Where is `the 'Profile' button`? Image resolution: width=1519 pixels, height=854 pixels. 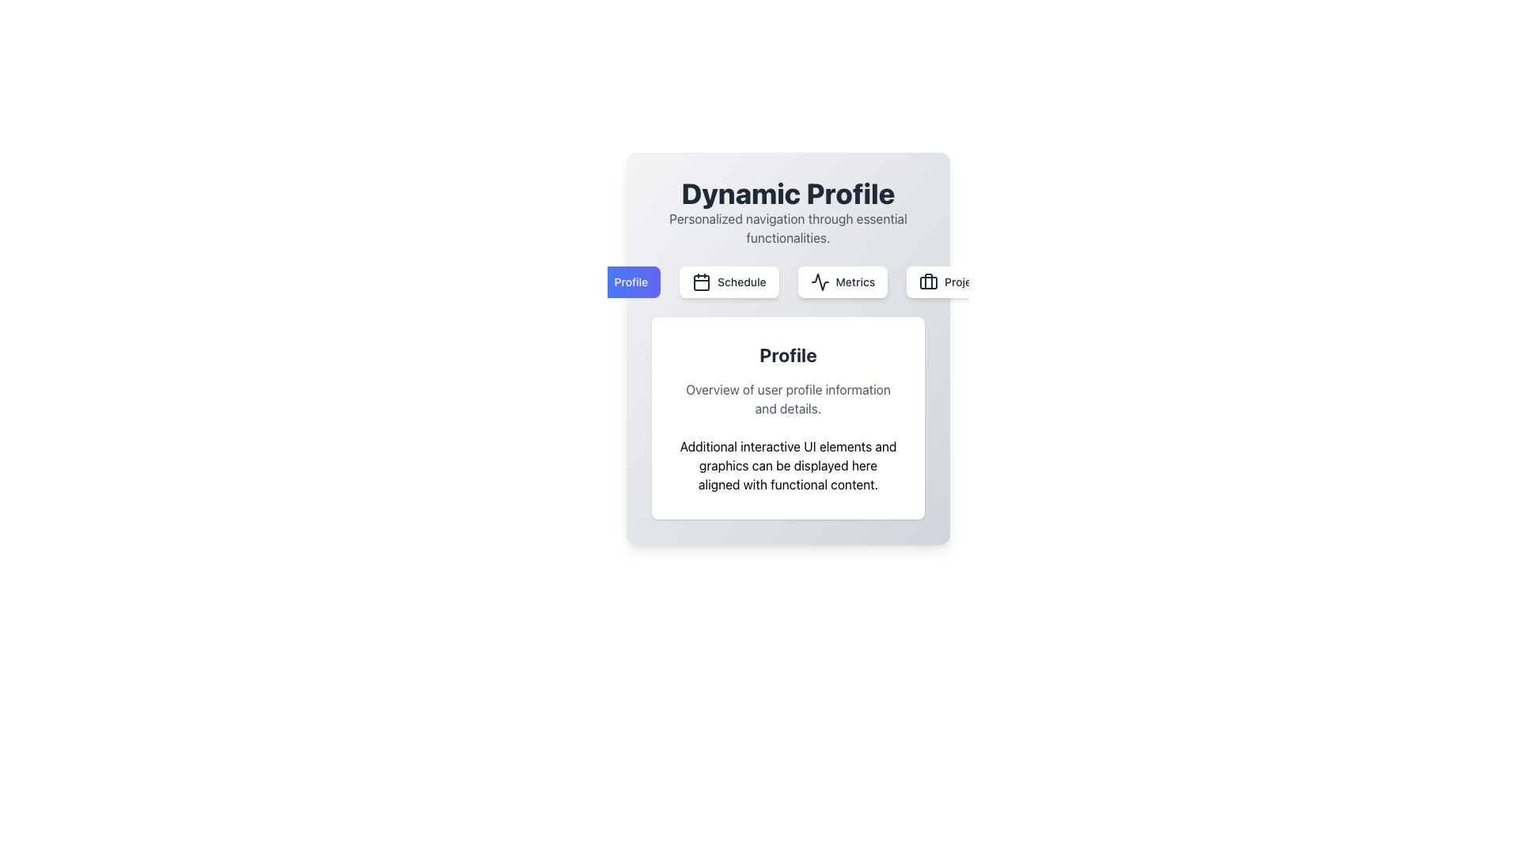
the 'Profile' button is located at coordinates (617, 282).